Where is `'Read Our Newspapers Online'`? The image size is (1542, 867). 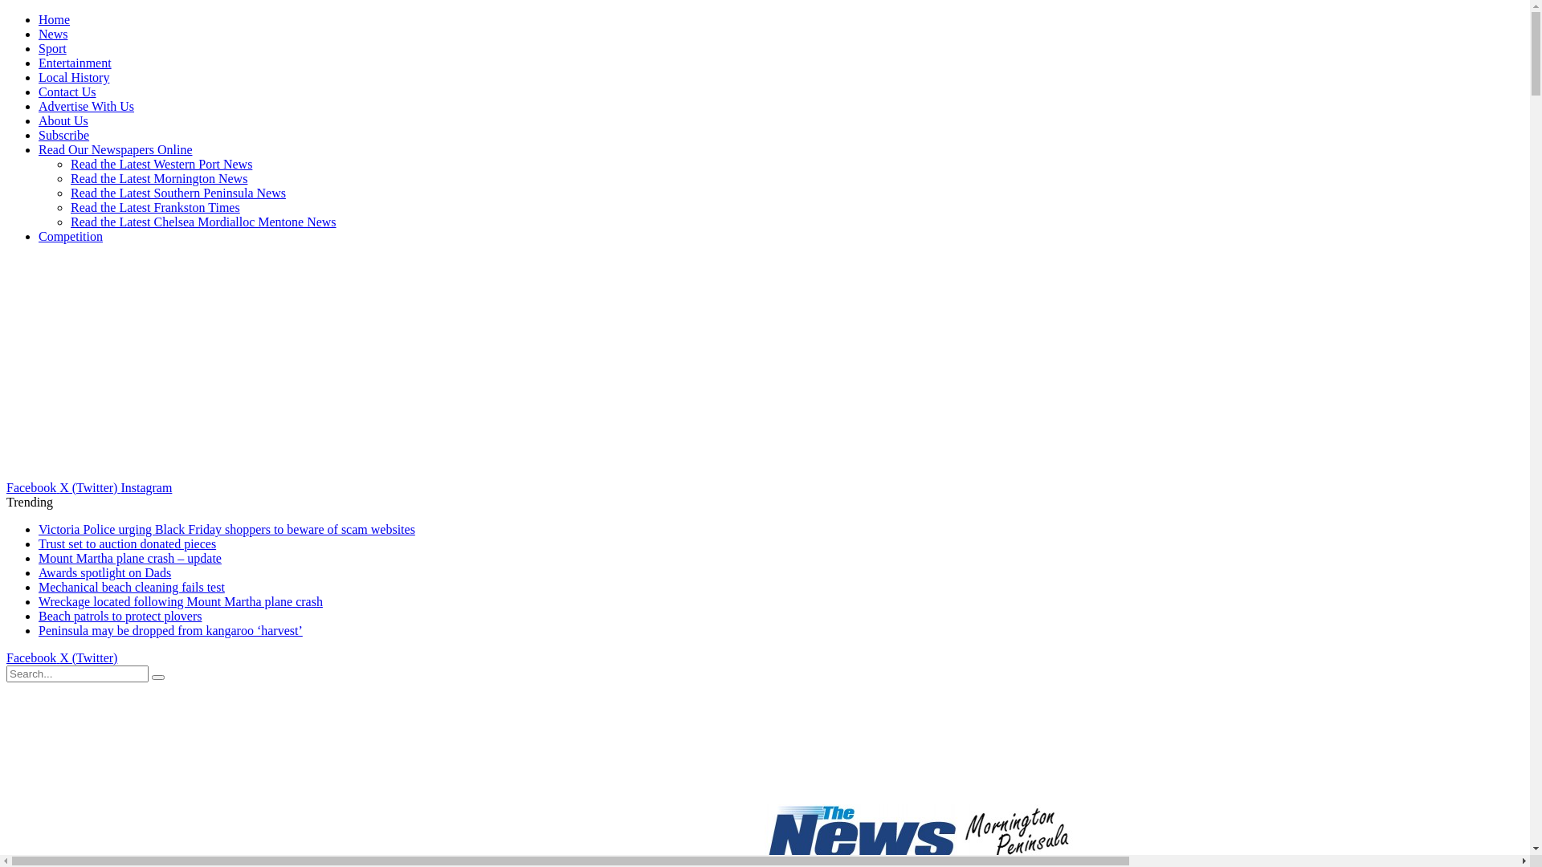
'Read Our Newspapers Online' is located at coordinates (115, 149).